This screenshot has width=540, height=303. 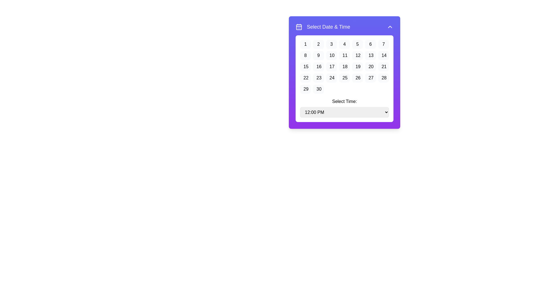 I want to click on the small rectangular button with rounded corners displaying the number '6', located, so click(x=370, y=44).